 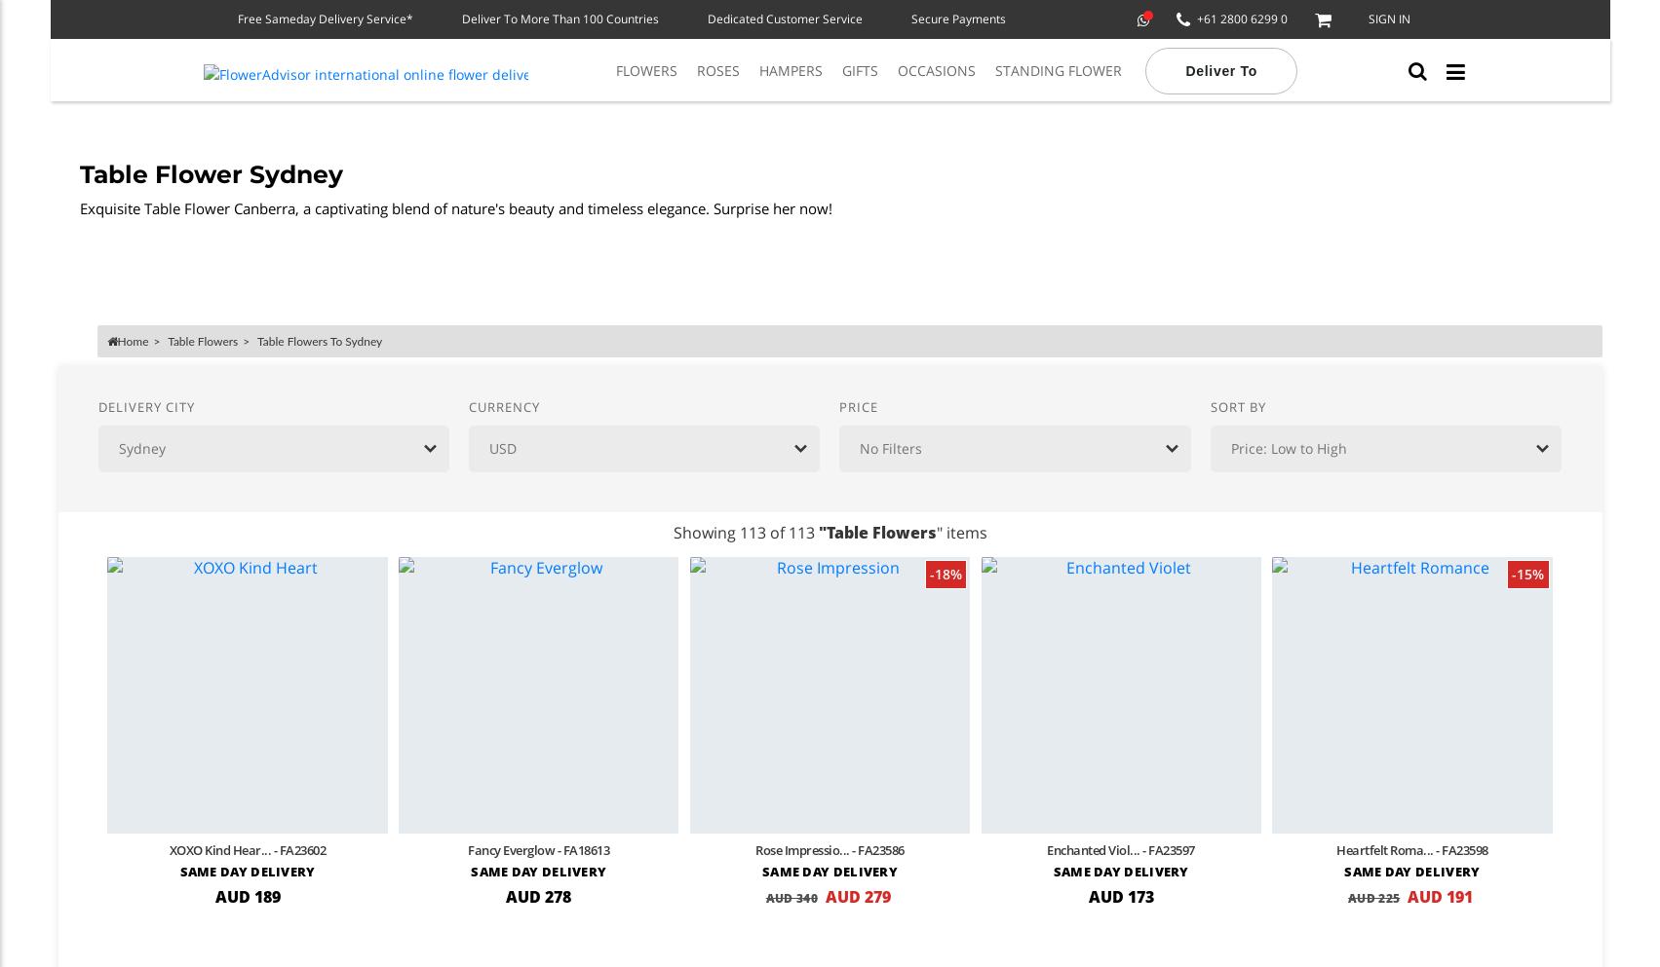 What do you see at coordinates (1228, 446) in the screenshot?
I see `'Price: Low to High'` at bounding box center [1228, 446].